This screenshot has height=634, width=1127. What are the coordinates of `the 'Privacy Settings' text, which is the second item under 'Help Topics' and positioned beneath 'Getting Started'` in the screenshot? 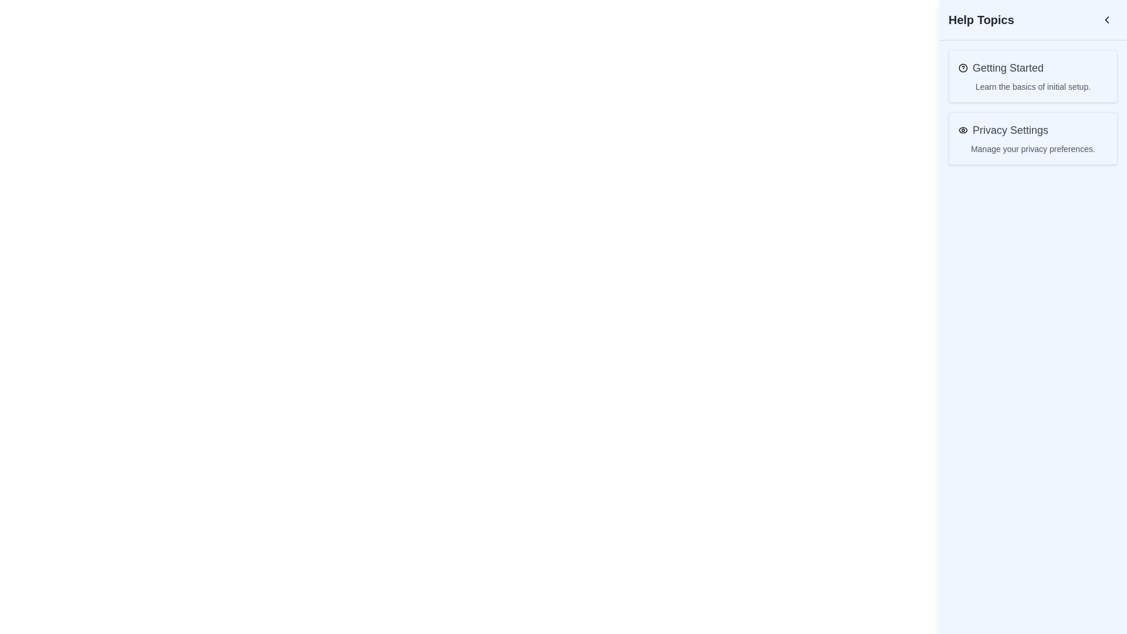 It's located at (1010, 130).